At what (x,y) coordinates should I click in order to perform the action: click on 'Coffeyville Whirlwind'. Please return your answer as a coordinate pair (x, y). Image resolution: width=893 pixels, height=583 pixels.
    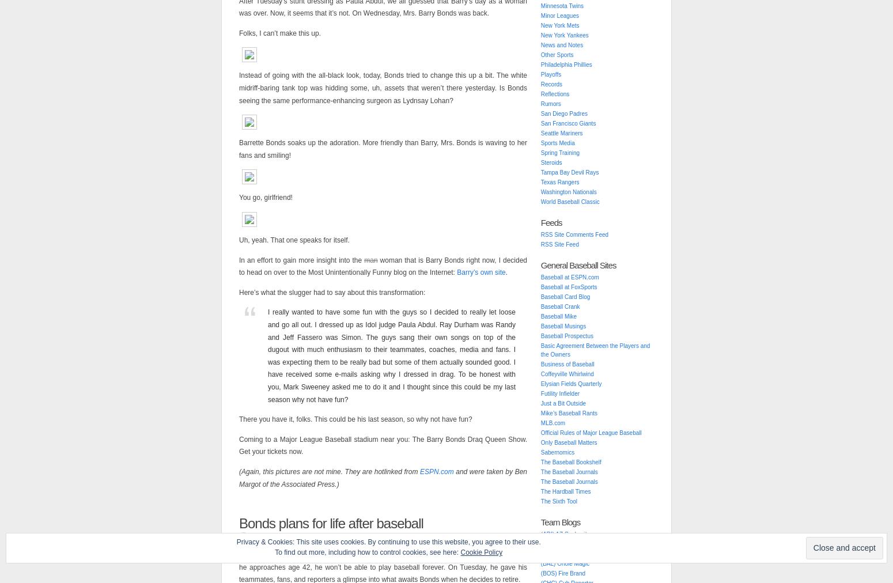
    Looking at the image, I should click on (566, 374).